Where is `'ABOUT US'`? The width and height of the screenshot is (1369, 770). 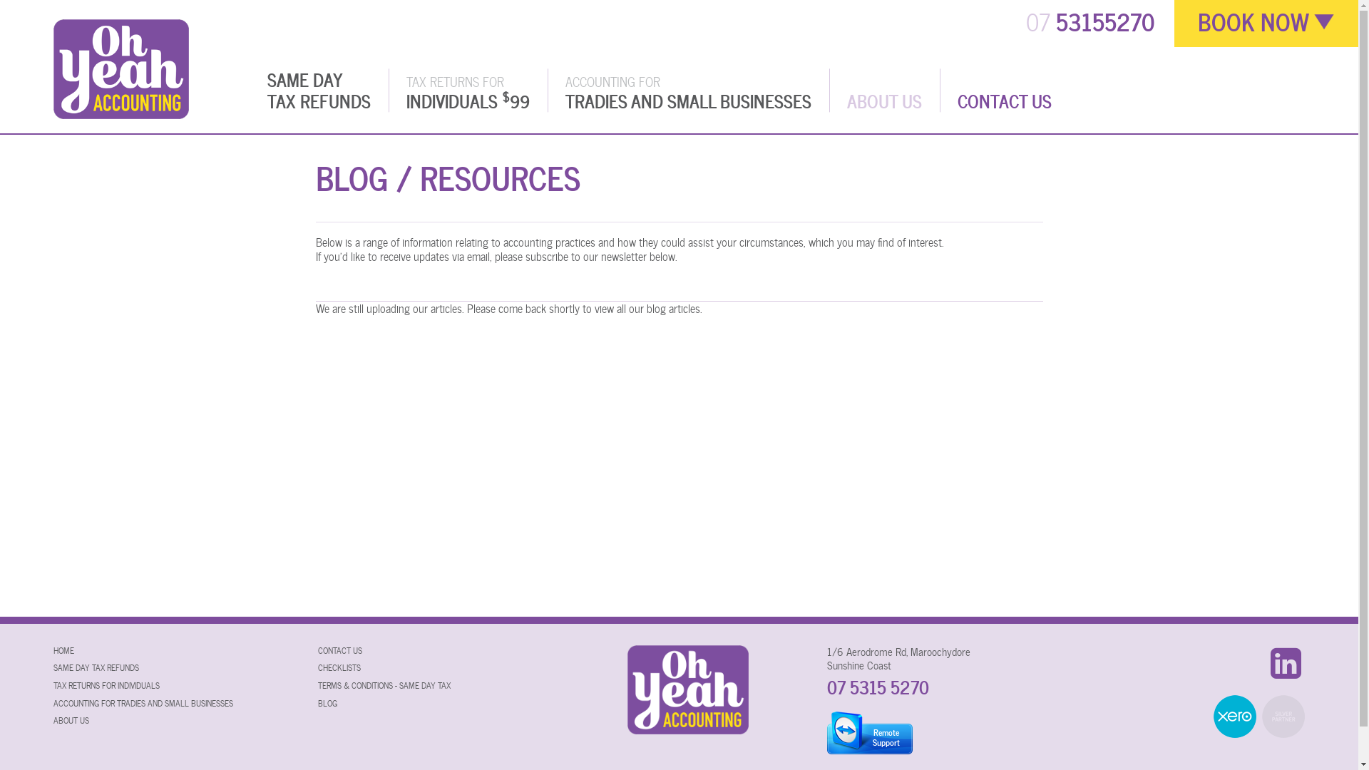 'ABOUT US' is located at coordinates (71, 720).